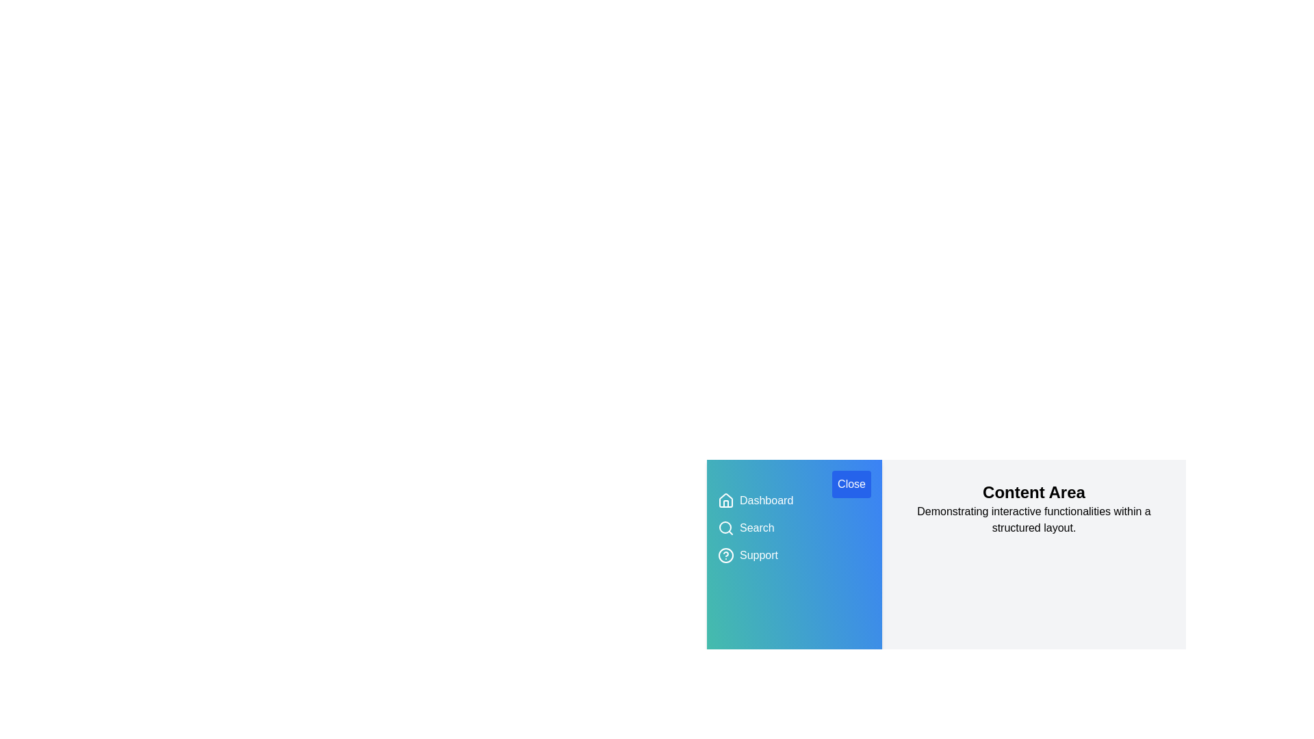 Image resolution: width=1314 pixels, height=739 pixels. Describe the element at coordinates (756, 527) in the screenshot. I see `the menu item Search to activate its action` at that location.